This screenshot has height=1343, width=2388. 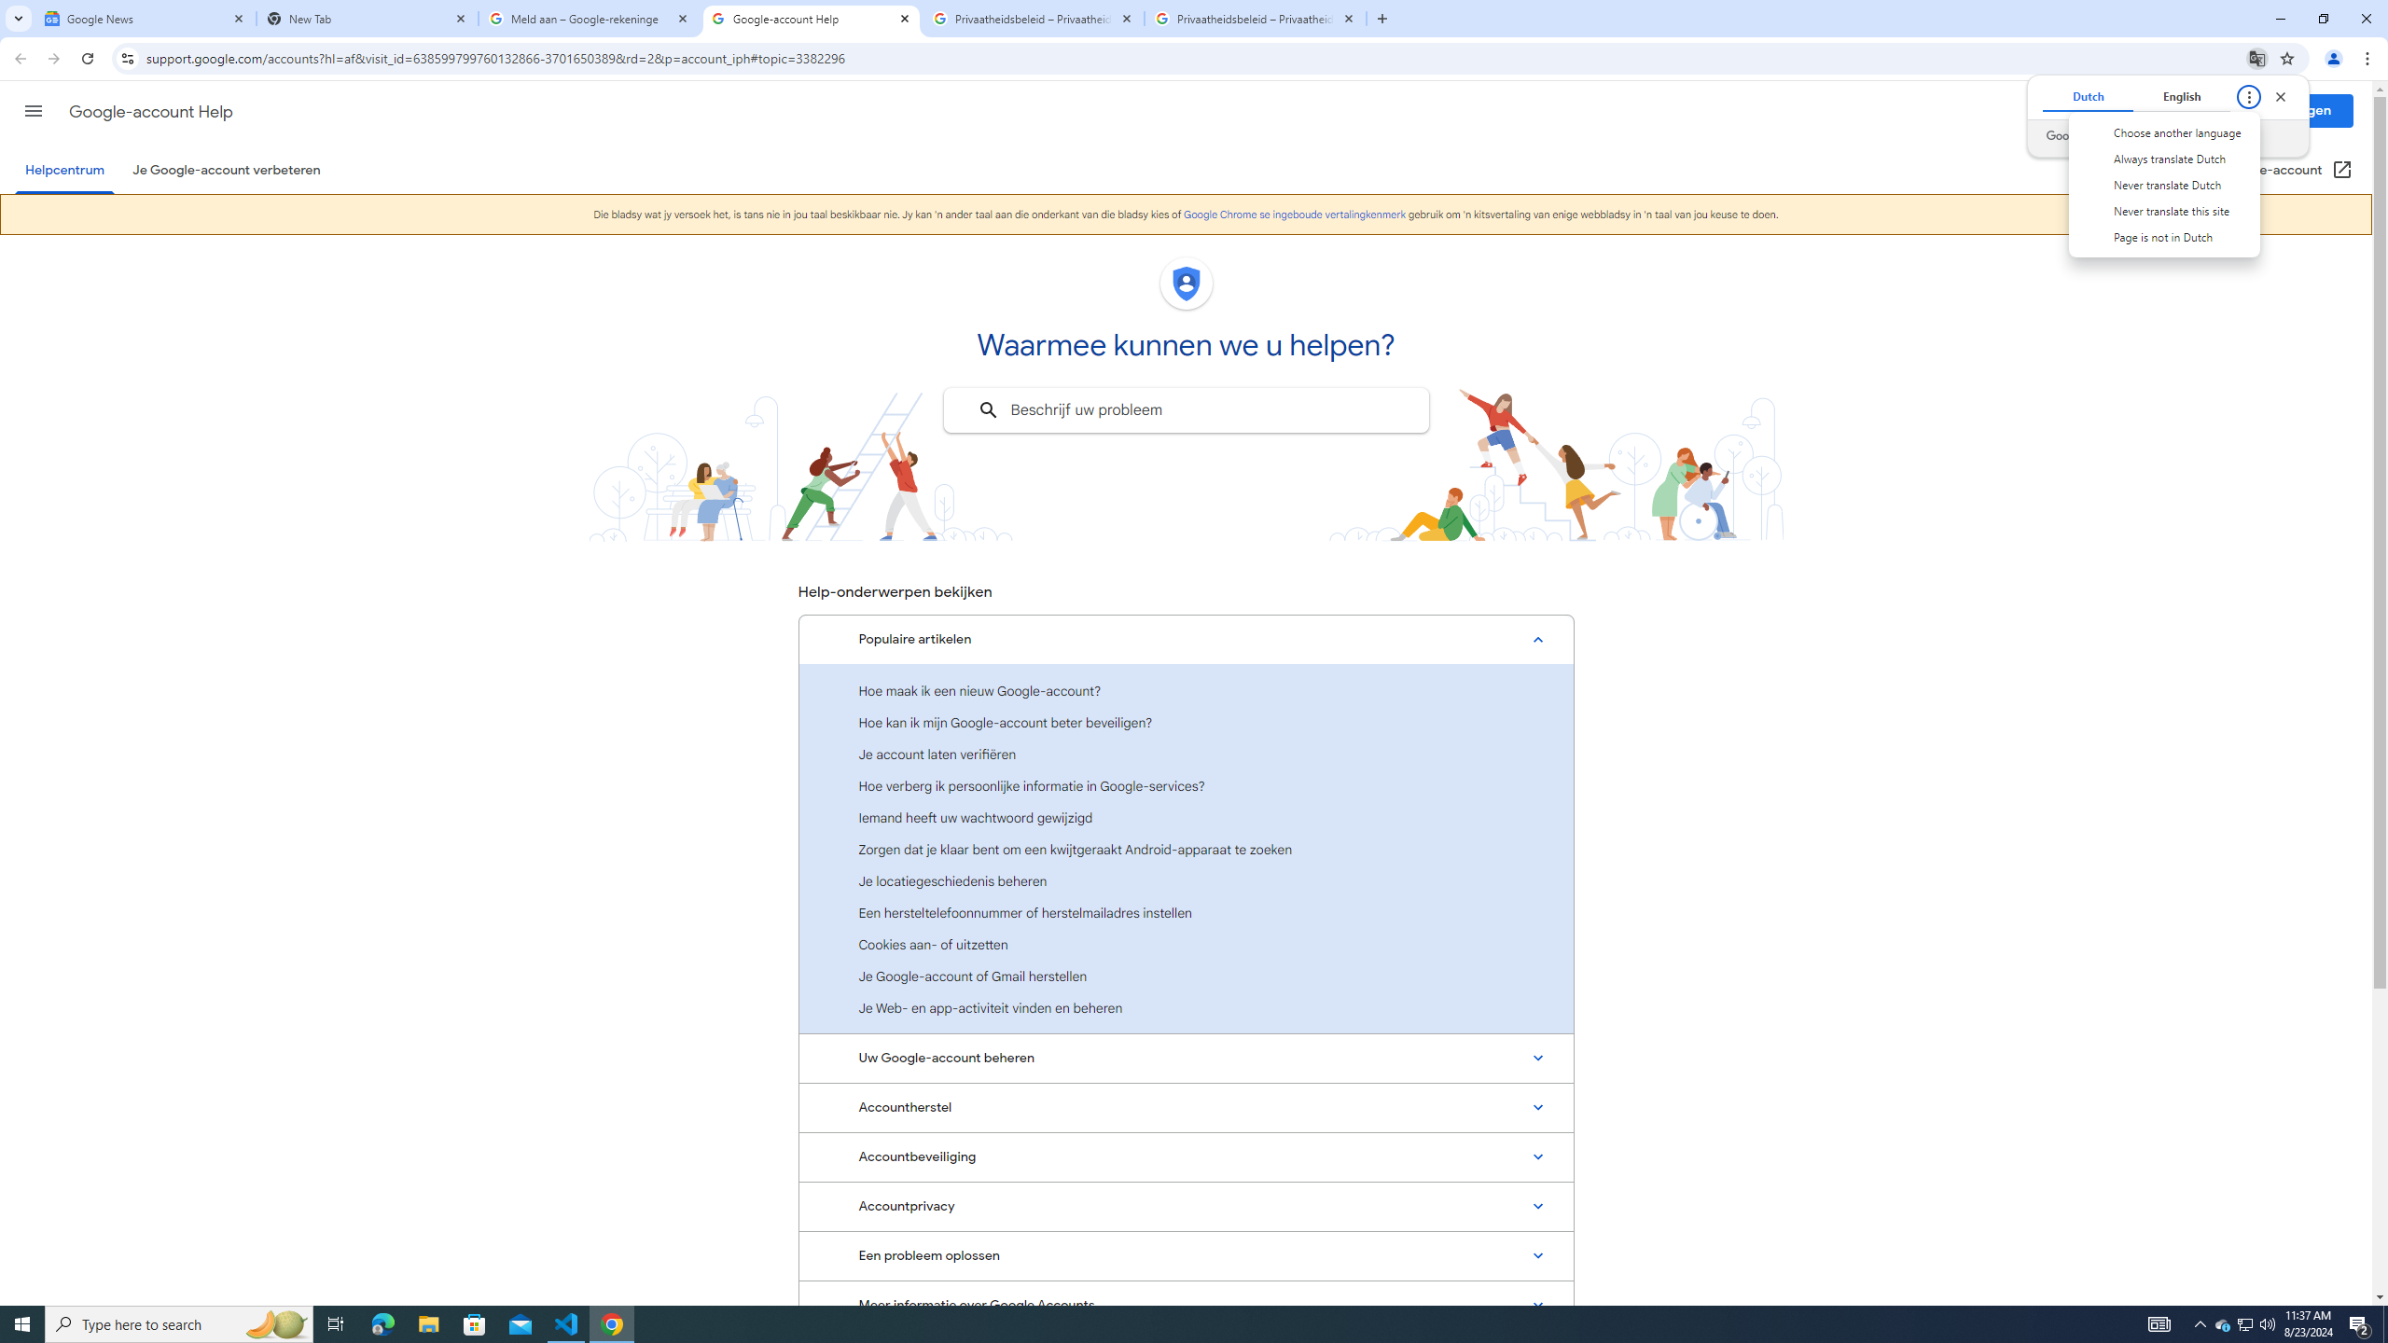 I want to click on 'Je Web- en app-activiteit vinden en beheren', so click(x=1186, y=1007).